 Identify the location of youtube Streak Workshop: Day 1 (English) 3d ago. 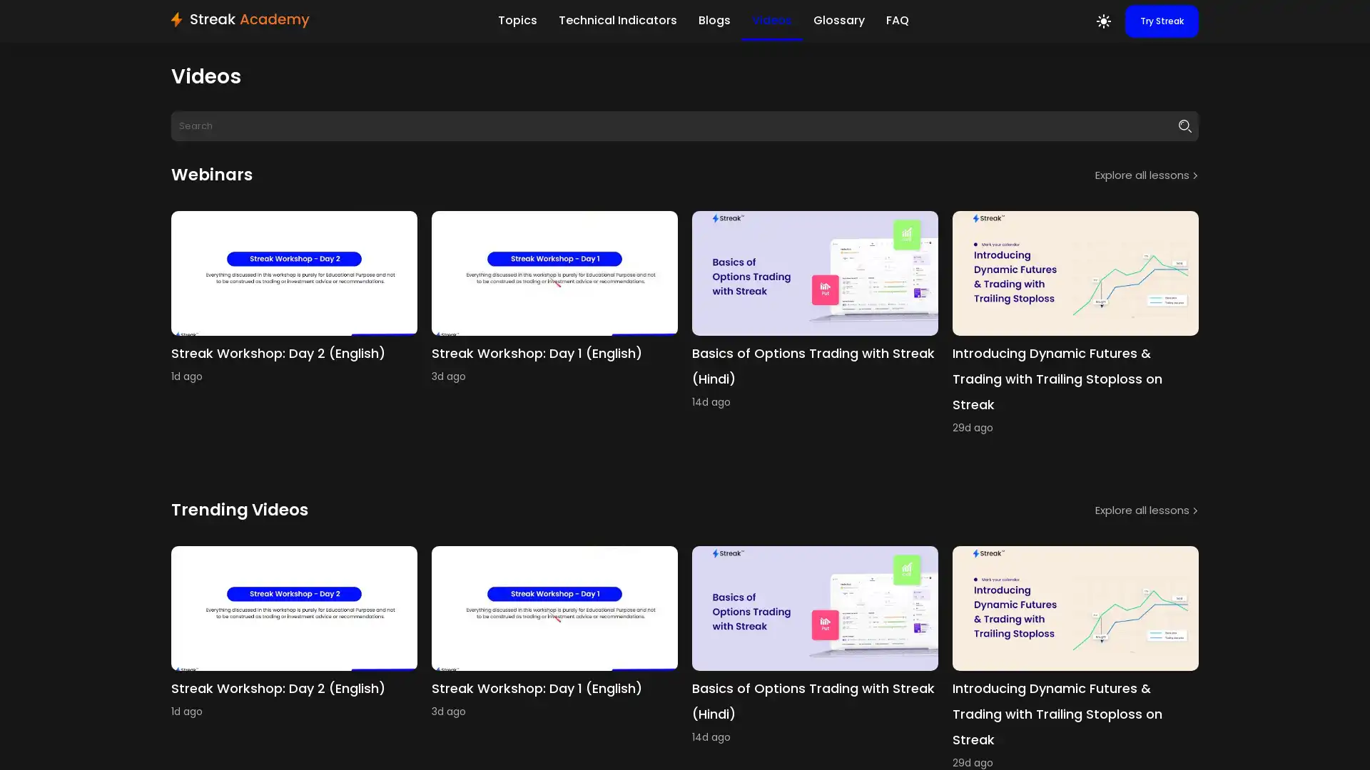
(554, 324).